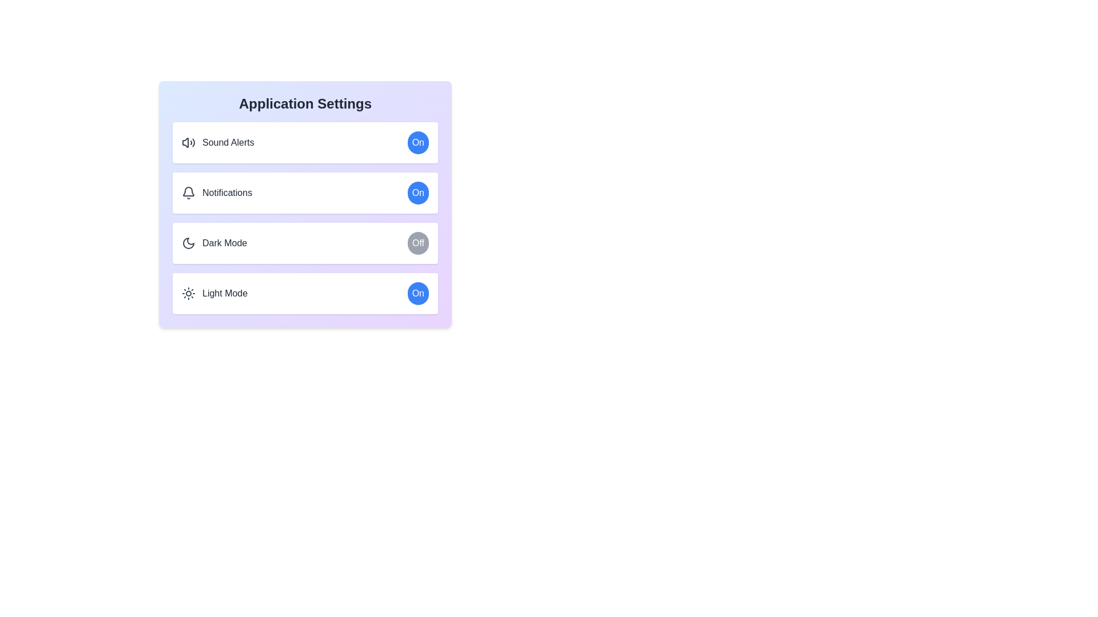 The image size is (1098, 617). What do you see at coordinates (189, 142) in the screenshot?
I see `the speaker icon with sound waves in the settings interface, positioned in the first row near 'Sound Alerts'` at bounding box center [189, 142].